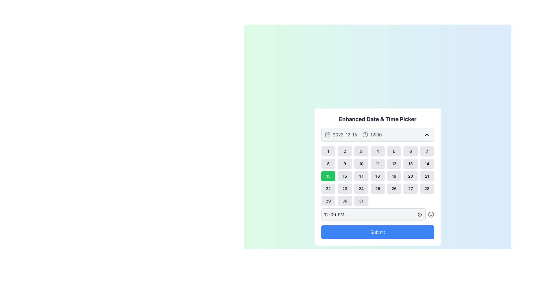 The height and width of the screenshot is (305, 542). I want to click on the button representing the date 23 in the date picker, so click(344, 188).